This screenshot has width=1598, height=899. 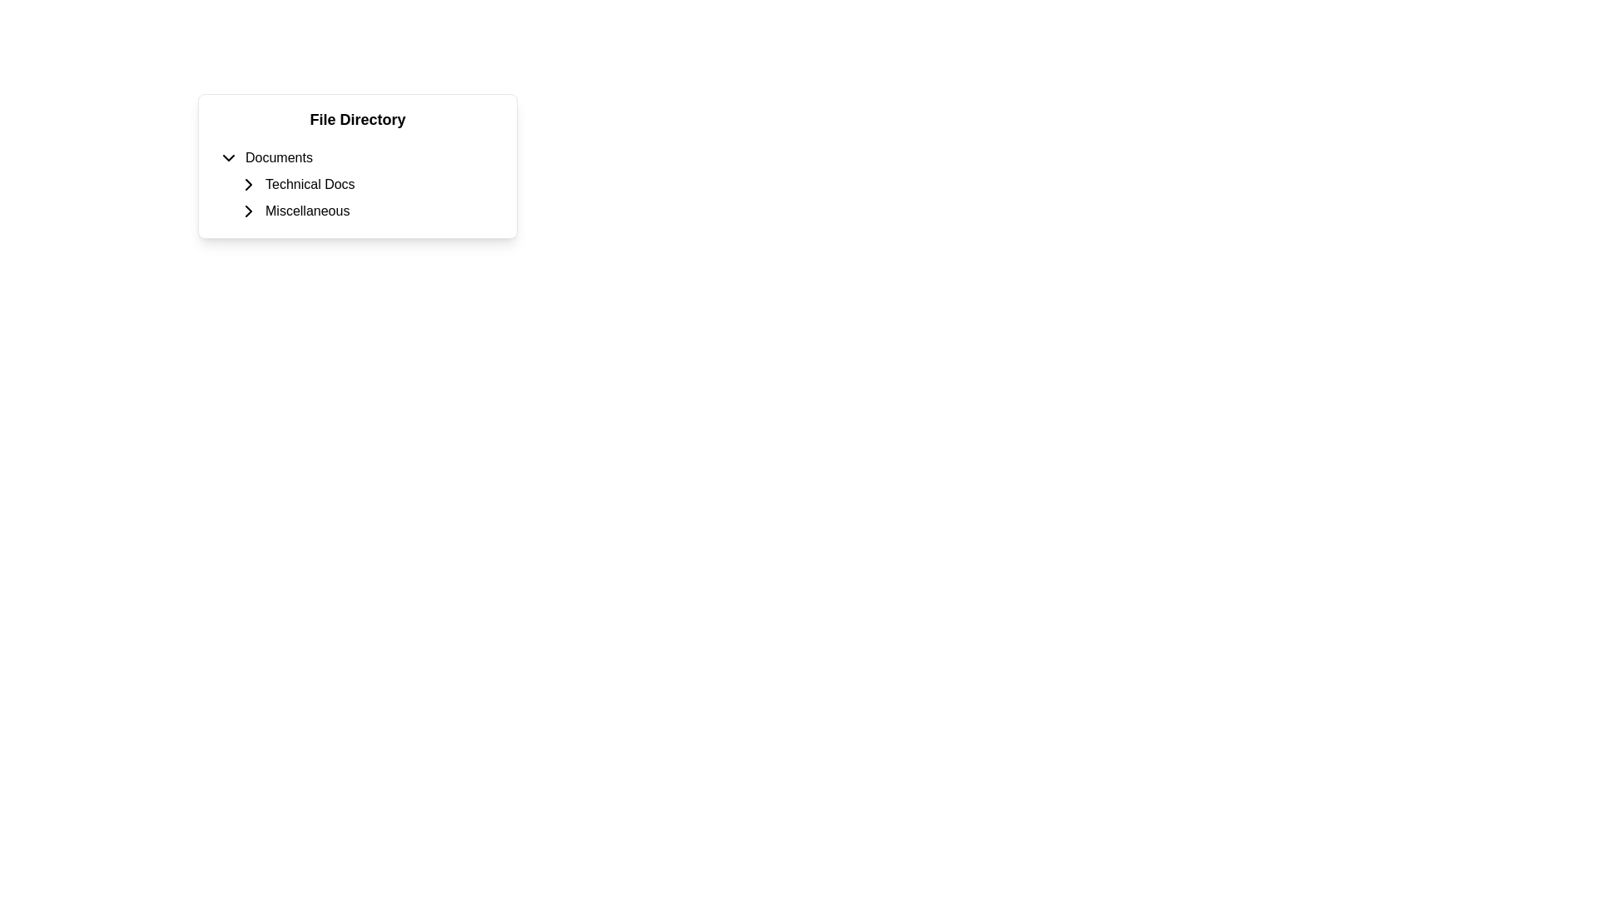 What do you see at coordinates (307, 211) in the screenshot?
I see `the text label displaying 'Miscellaneous' in the 'File Directory' navigation menu` at bounding box center [307, 211].